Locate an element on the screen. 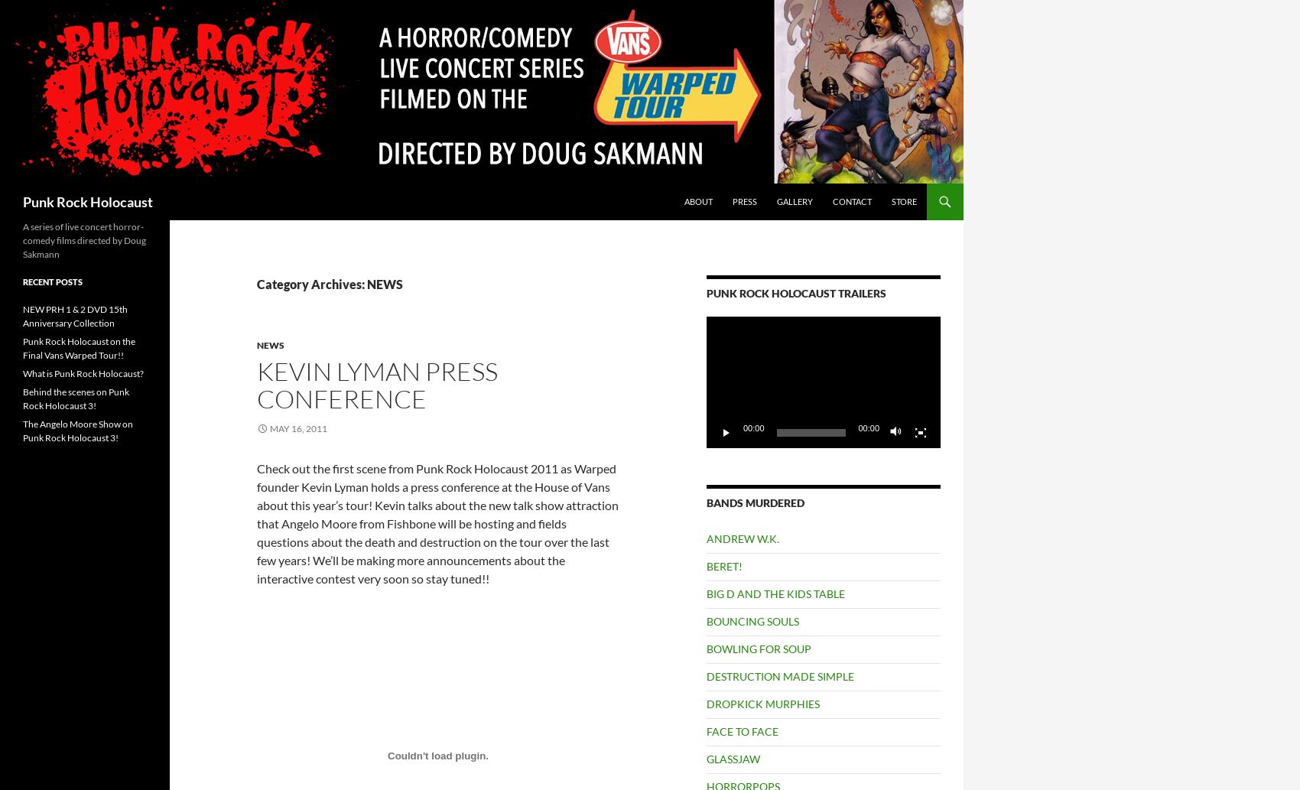 This screenshot has height=790, width=1300. 'A series of live concert horror-comedy films directed by Doug Sakmann' is located at coordinates (83, 239).